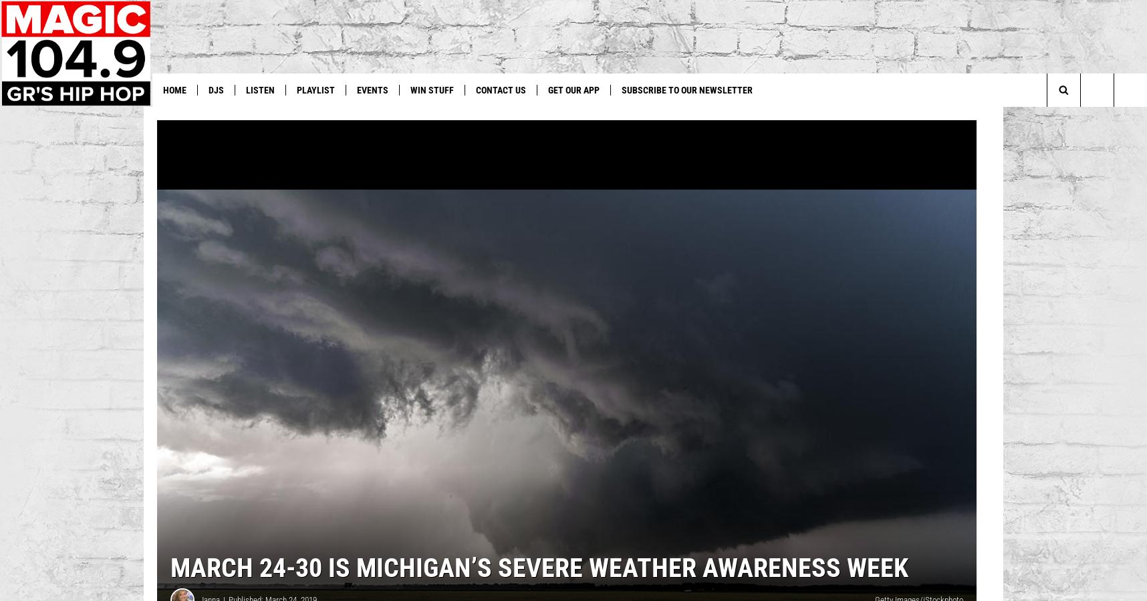  I want to click on 'Get Our App', so click(573, 90).